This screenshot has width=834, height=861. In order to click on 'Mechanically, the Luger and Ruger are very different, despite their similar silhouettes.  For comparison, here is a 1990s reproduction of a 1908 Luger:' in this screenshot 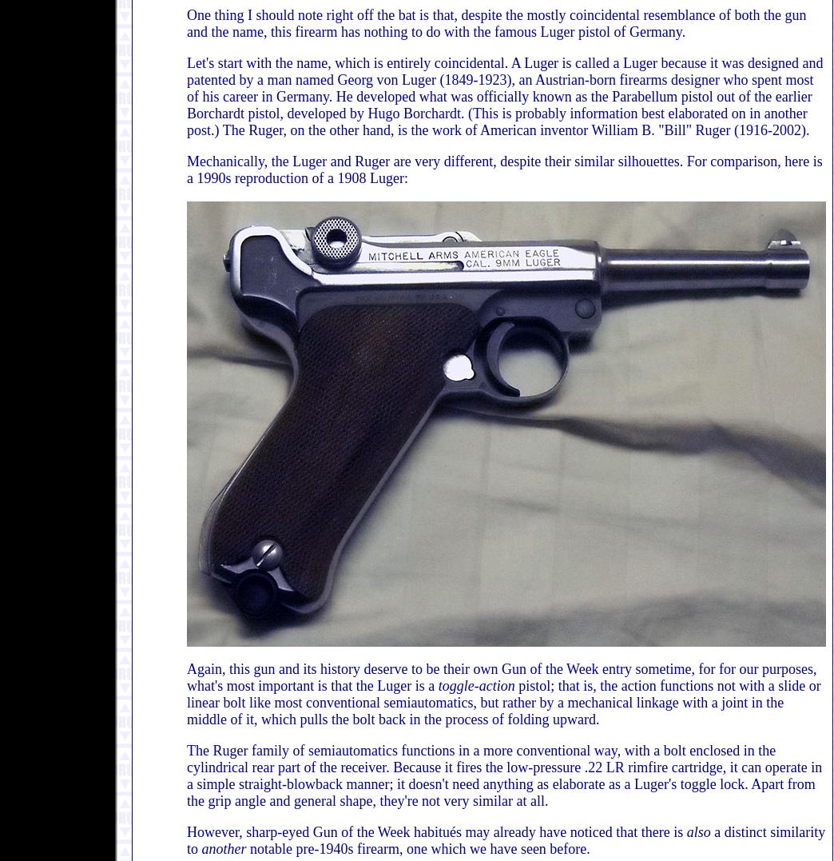, I will do `click(504, 169)`.